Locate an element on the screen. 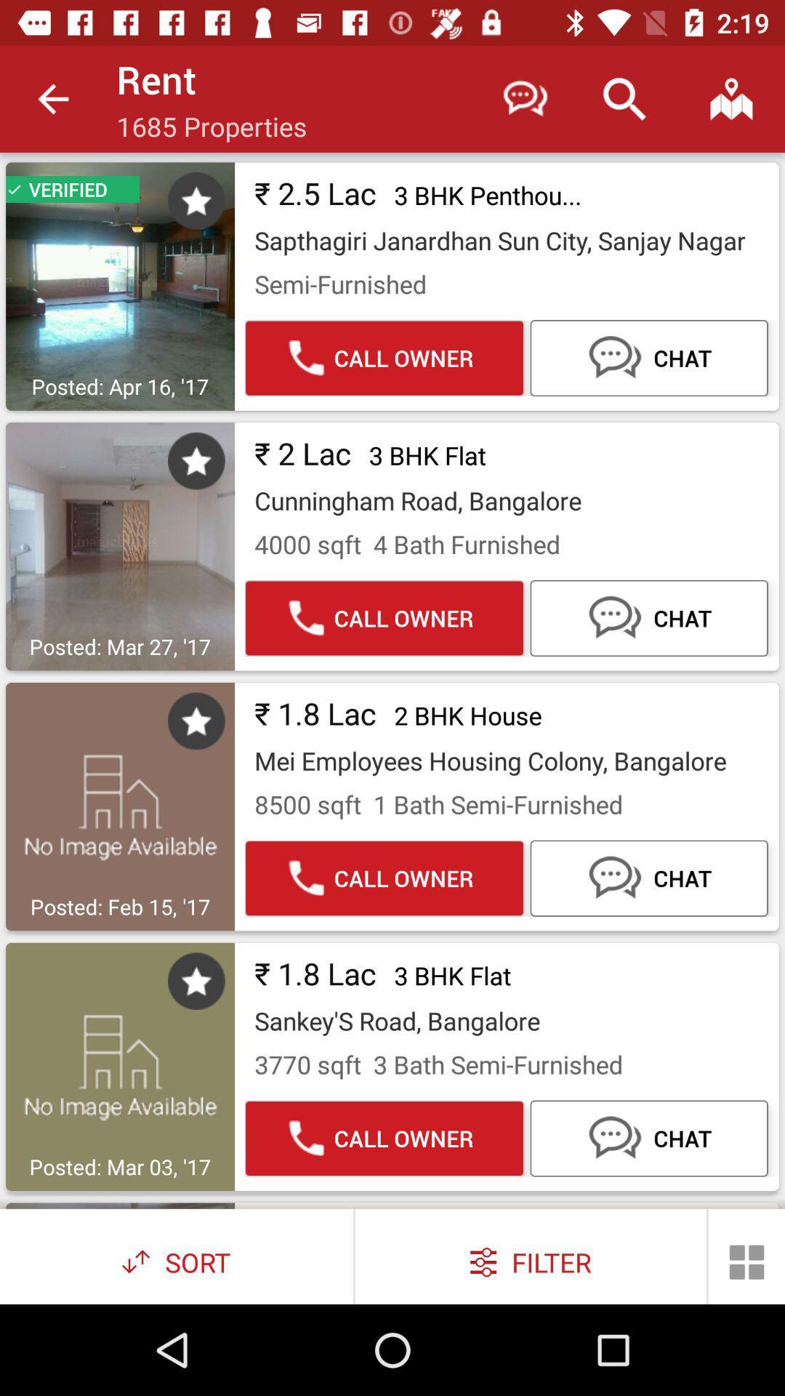  the arrow_backward icon is located at coordinates (52, 98).